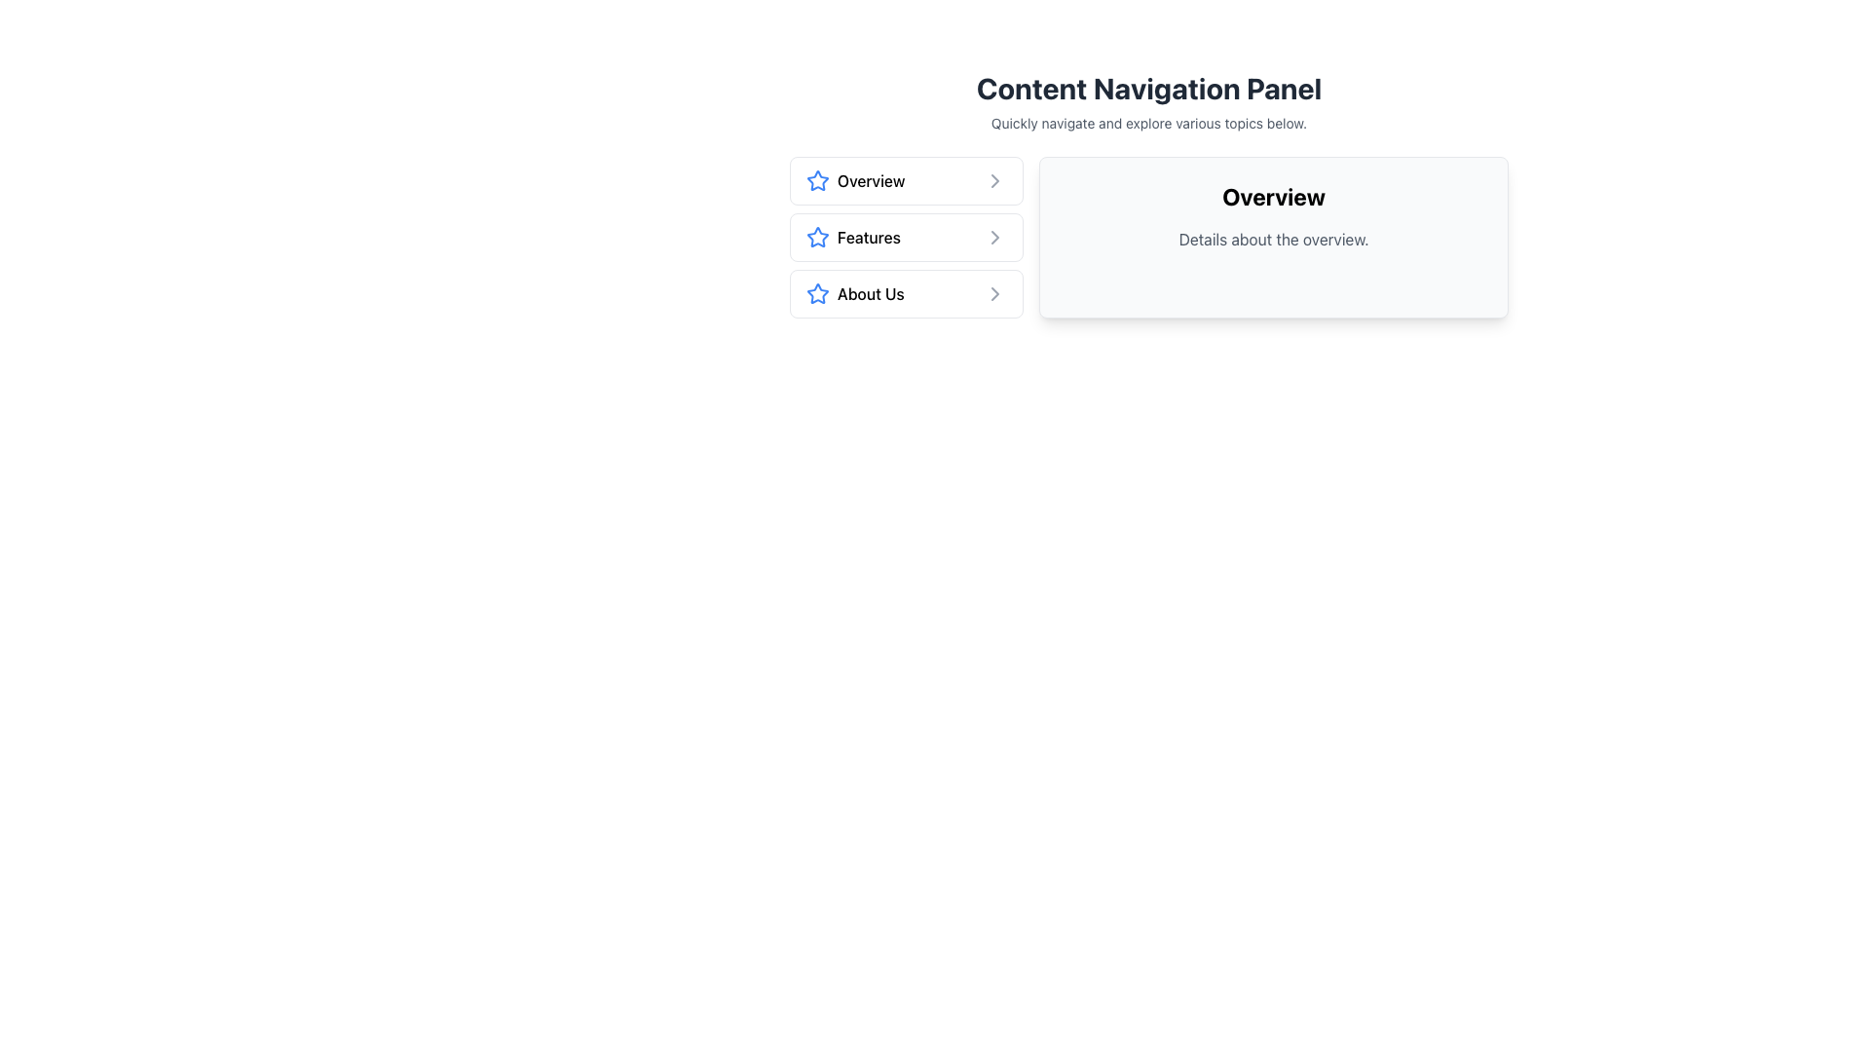 This screenshot has width=1870, height=1052. I want to click on text displayed in the 'Content Navigation Panel' which includes the title and instructional phrase, so click(1149, 101).